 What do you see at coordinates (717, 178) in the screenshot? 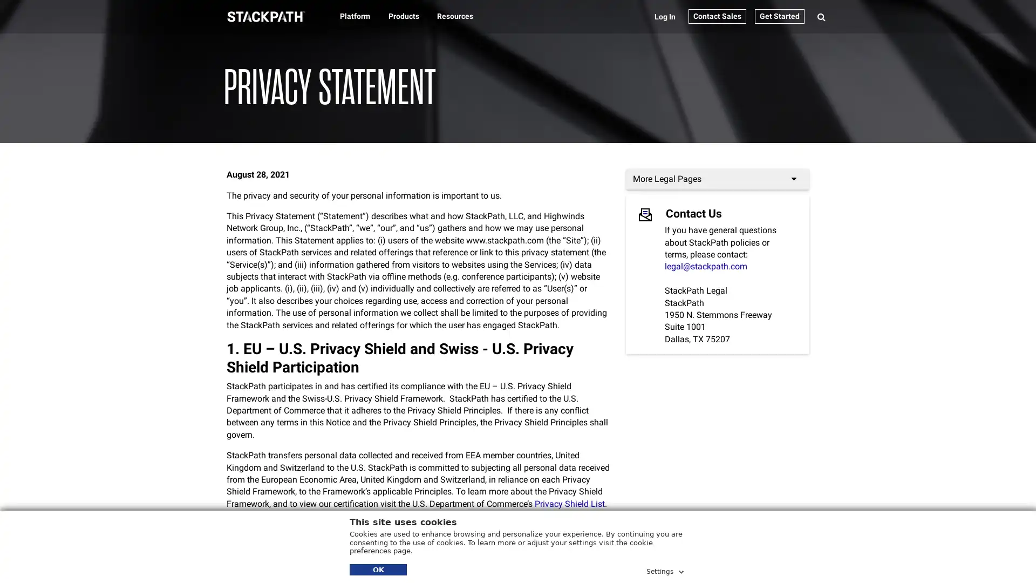
I see `More Legal Pages` at bounding box center [717, 178].